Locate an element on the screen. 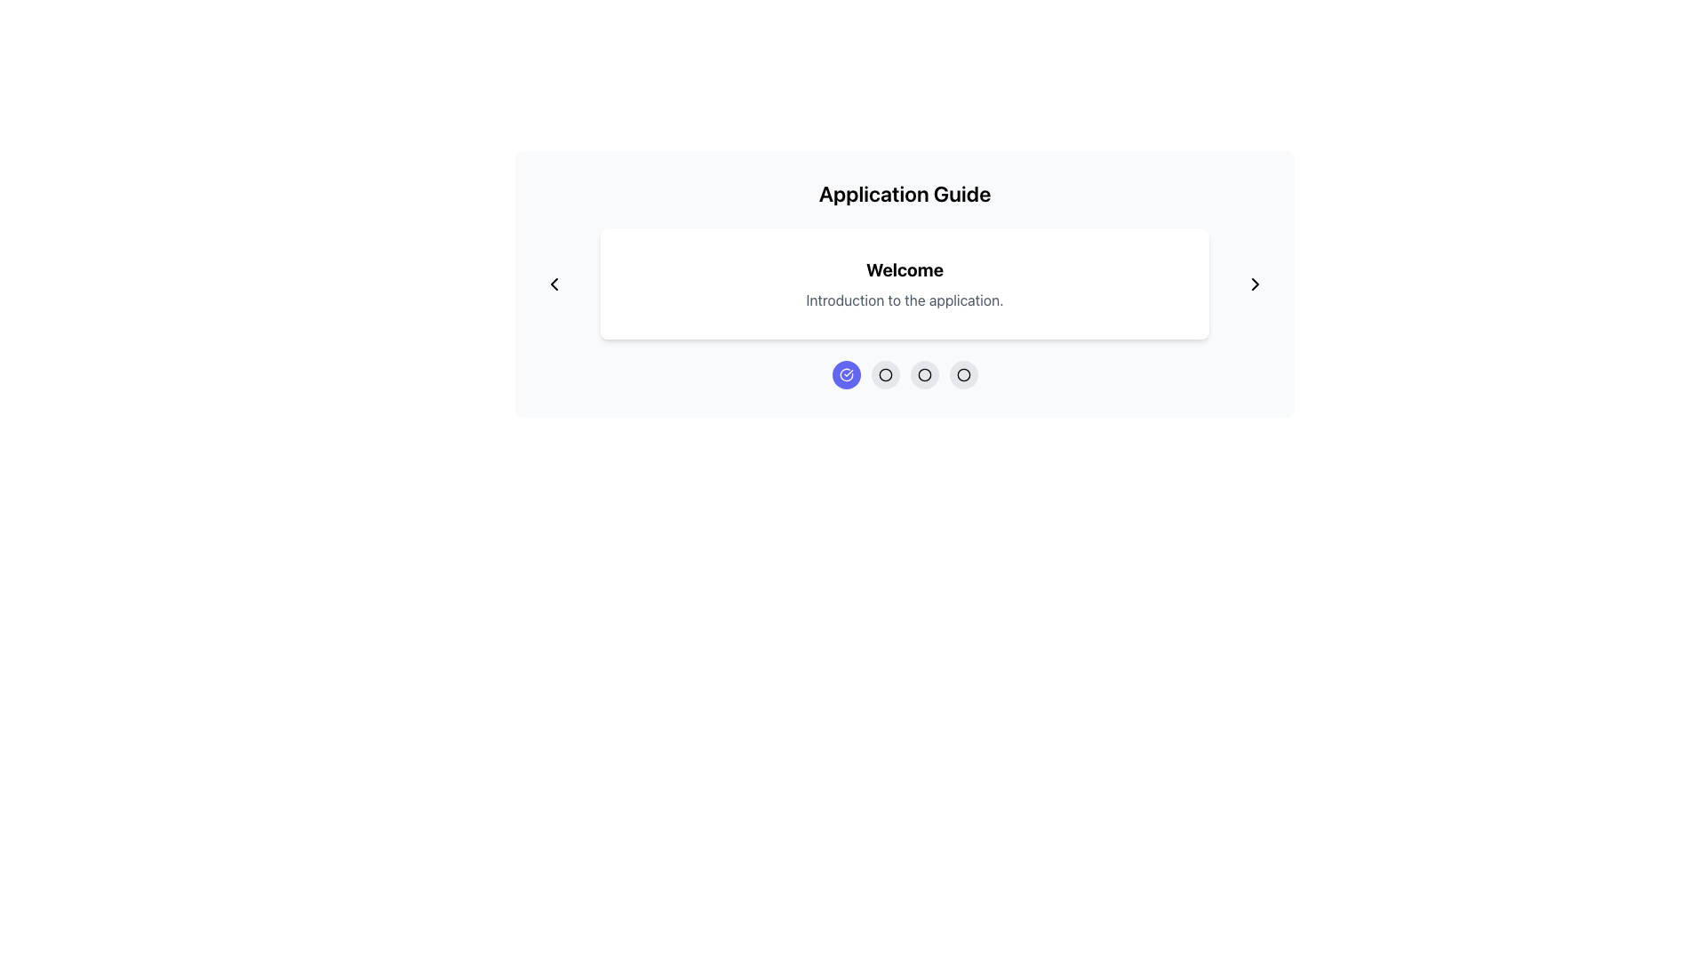  the static informational section element that displays the bold text 'Welcome' and the subtext 'Introduction to the application' is located at coordinates (905, 284).